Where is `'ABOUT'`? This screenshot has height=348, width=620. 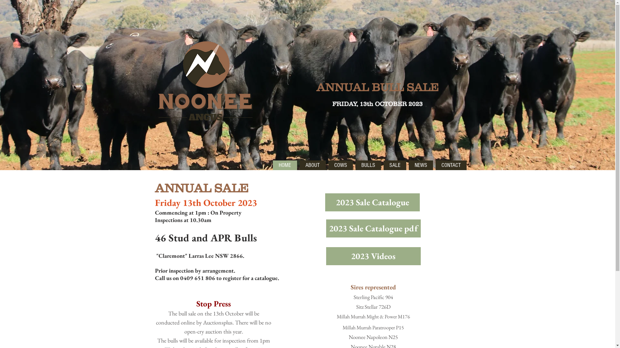 'ABOUT' is located at coordinates (313, 165).